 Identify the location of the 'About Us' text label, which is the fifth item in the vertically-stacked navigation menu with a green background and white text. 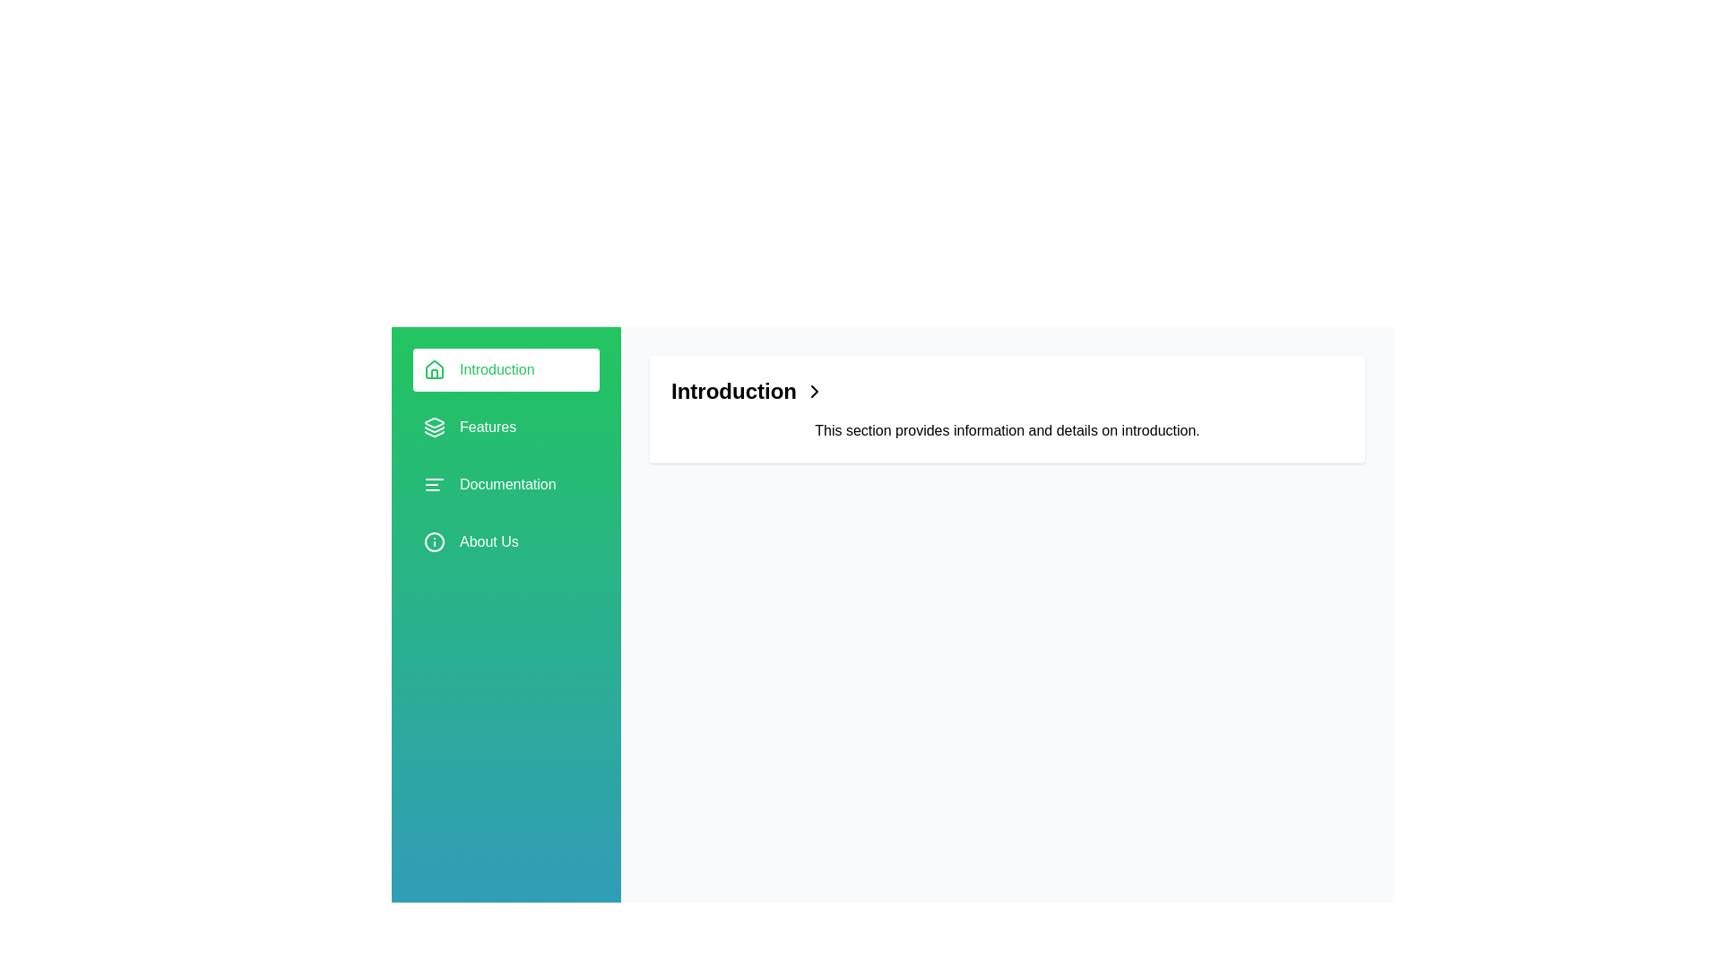
(489, 541).